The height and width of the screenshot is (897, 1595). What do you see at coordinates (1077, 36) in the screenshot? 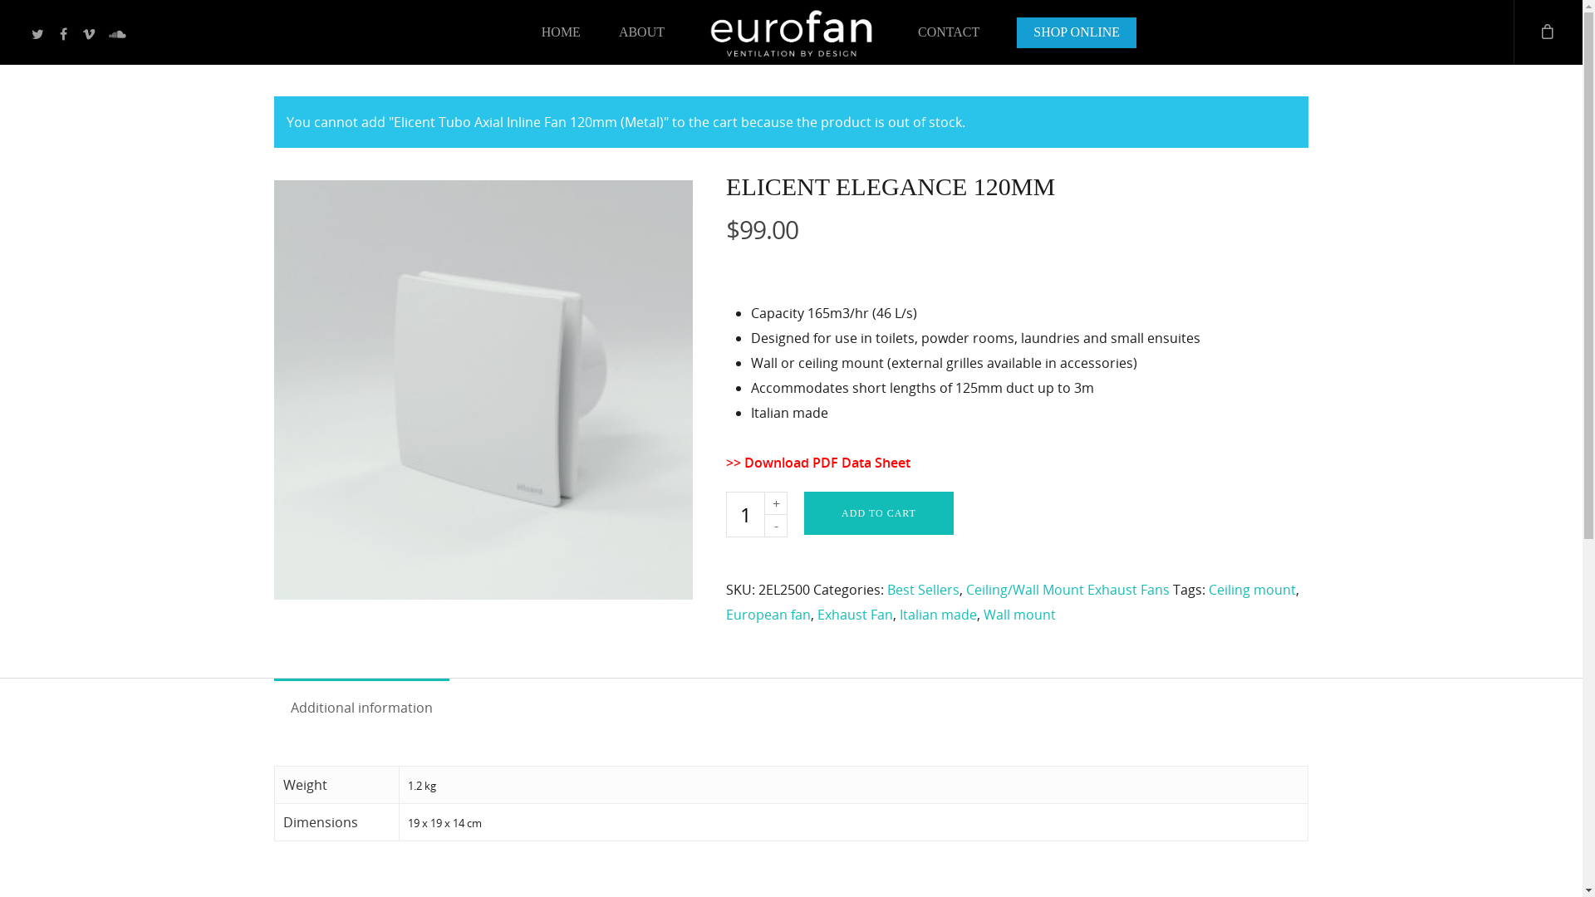
I see `'SHOP ONLINE'` at bounding box center [1077, 36].